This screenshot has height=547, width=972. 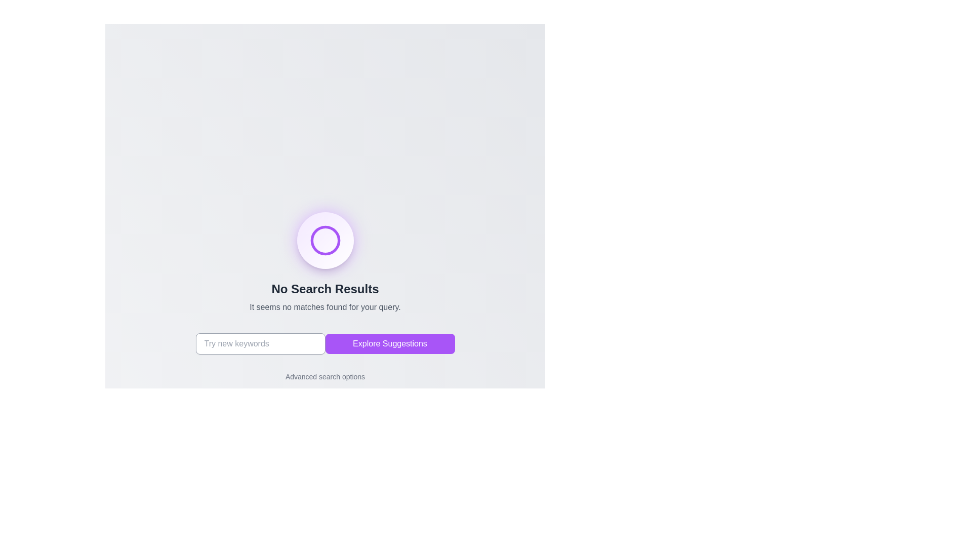 What do you see at coordinates (325, 340) in the screenshot?
I see `the button that triggers suggestions, positioned below the 'No Search Results' section, to observe the transition effect` at bounding box center [325, 340].